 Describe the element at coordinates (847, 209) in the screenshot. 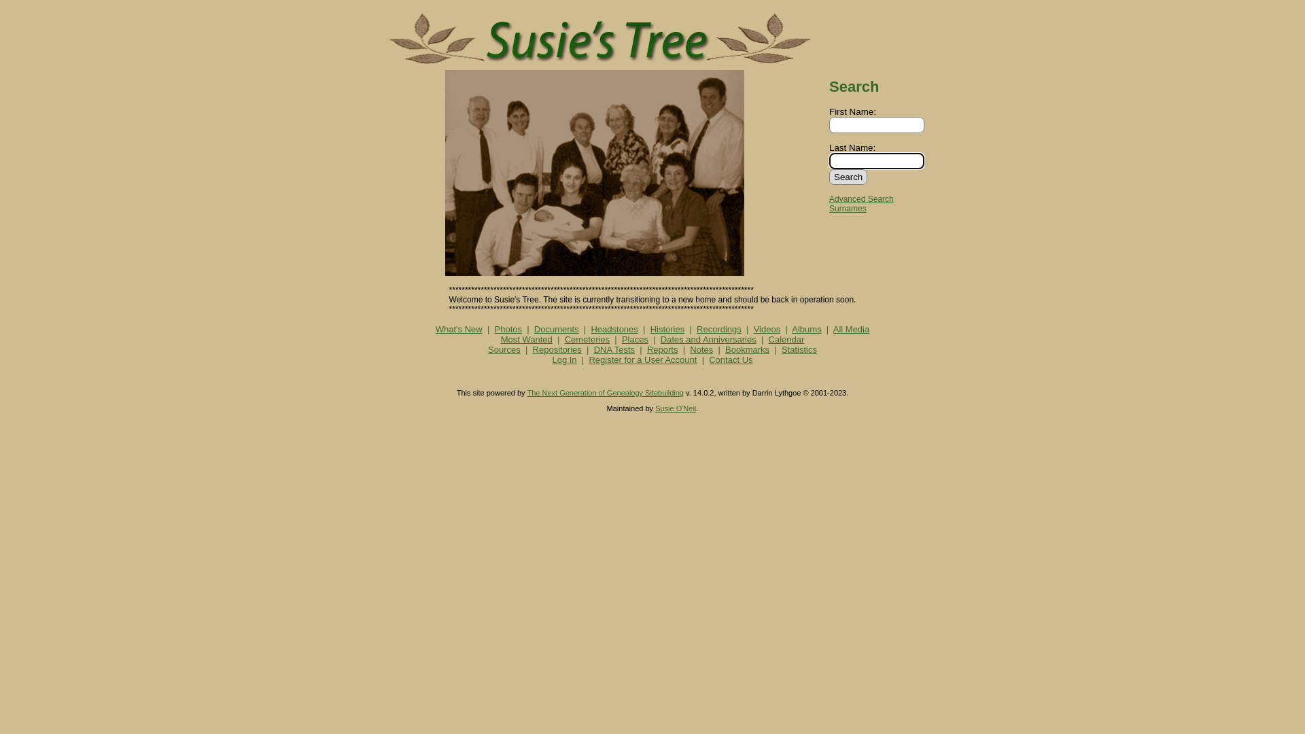

I see `'Surnames'` at that location.